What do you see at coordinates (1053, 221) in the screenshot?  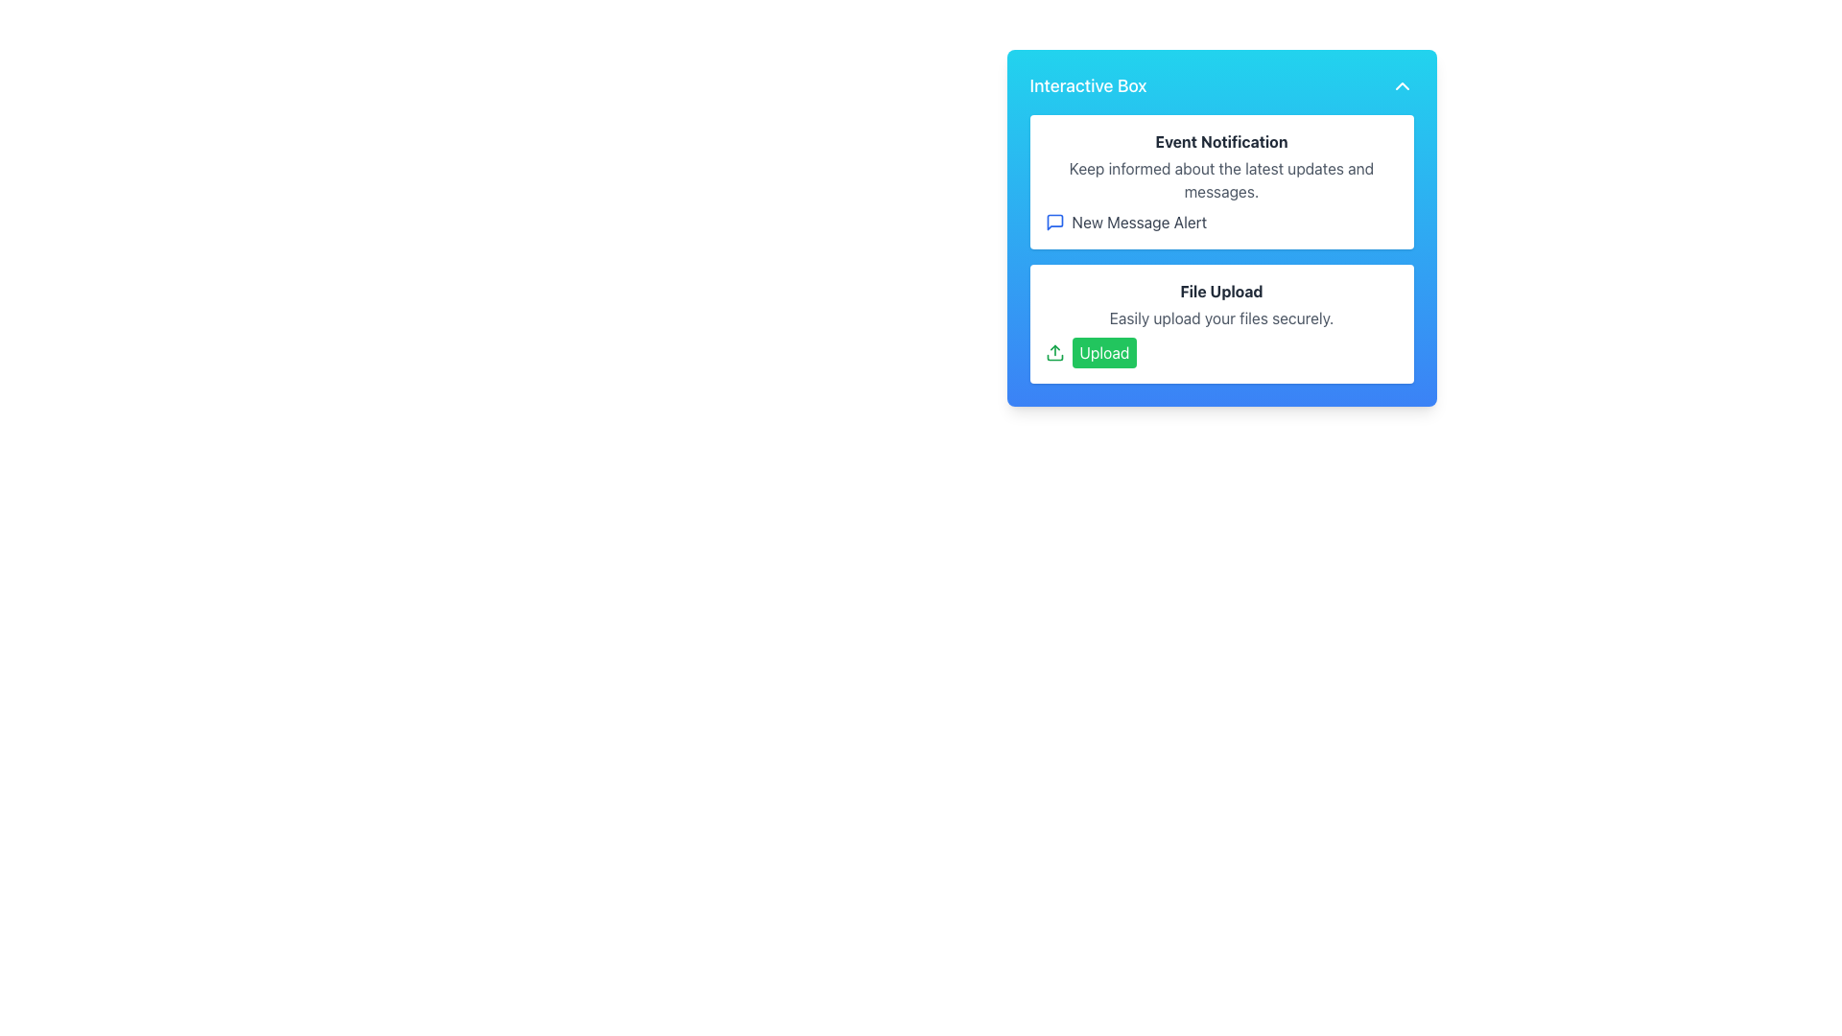 I see `the notification icon for new messages located in the 'Event Notification' section, positioned to the left of the 'New Message Alert' label` at bounding box center [1053, 221].